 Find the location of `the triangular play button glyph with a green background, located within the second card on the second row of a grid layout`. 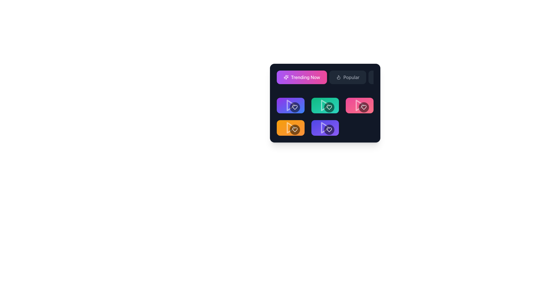

the triangular play button glyph with a green background, located within the second card on the second row of a grid layout is located at coordinates (326, 105).